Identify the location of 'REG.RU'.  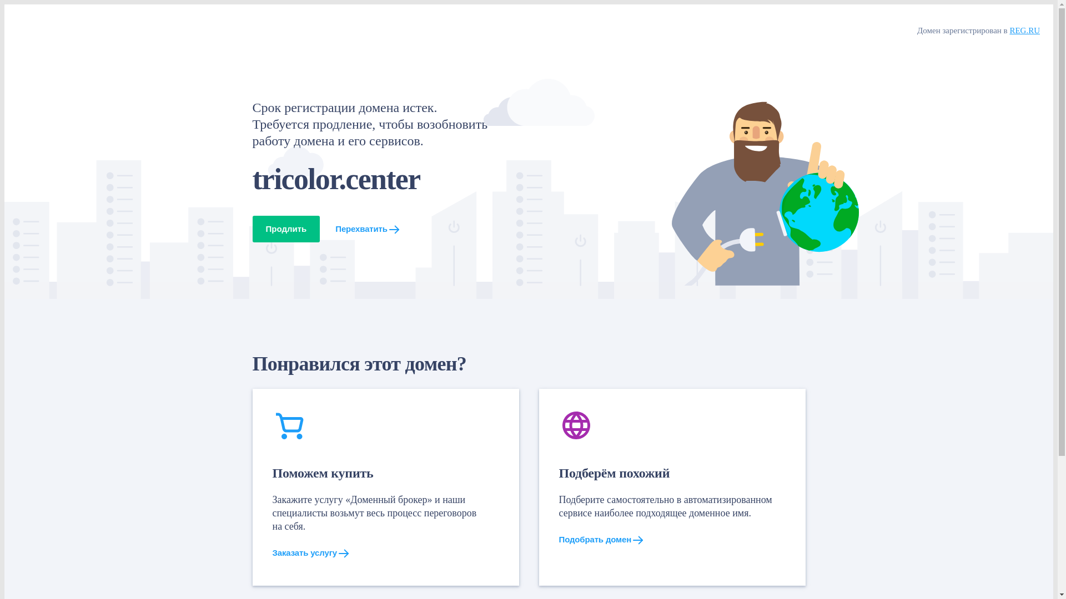
(1024, 29).